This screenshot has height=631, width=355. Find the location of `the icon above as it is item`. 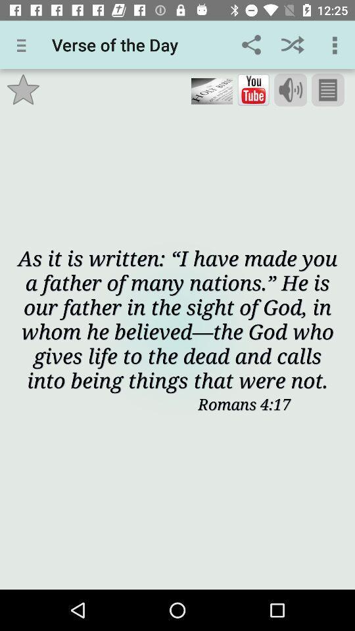

the icon above as it is item is located at coordinates (253, 89).